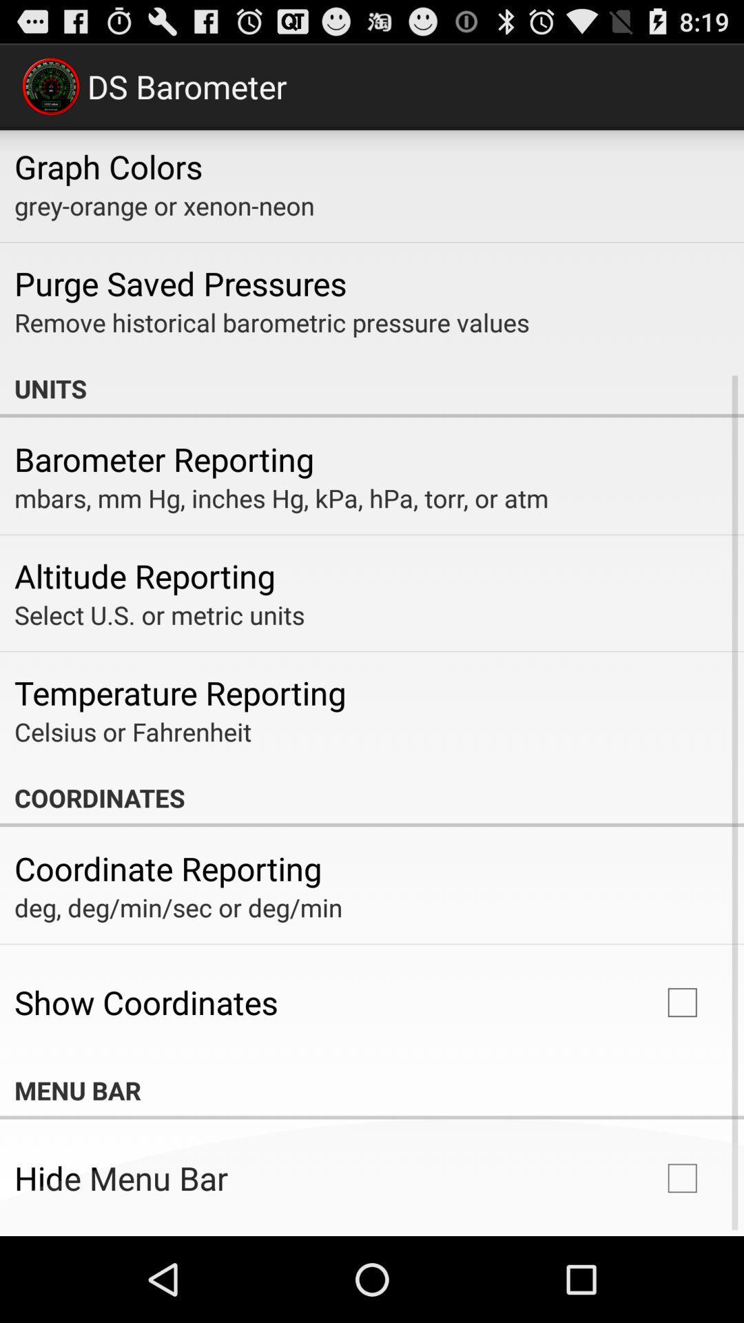 The width and height of the screenshot is (744, 1323). What do you see at coordinates (163, 459) in the screenshot?
I see `the barometer reporting` at bounding box center [163, 459].